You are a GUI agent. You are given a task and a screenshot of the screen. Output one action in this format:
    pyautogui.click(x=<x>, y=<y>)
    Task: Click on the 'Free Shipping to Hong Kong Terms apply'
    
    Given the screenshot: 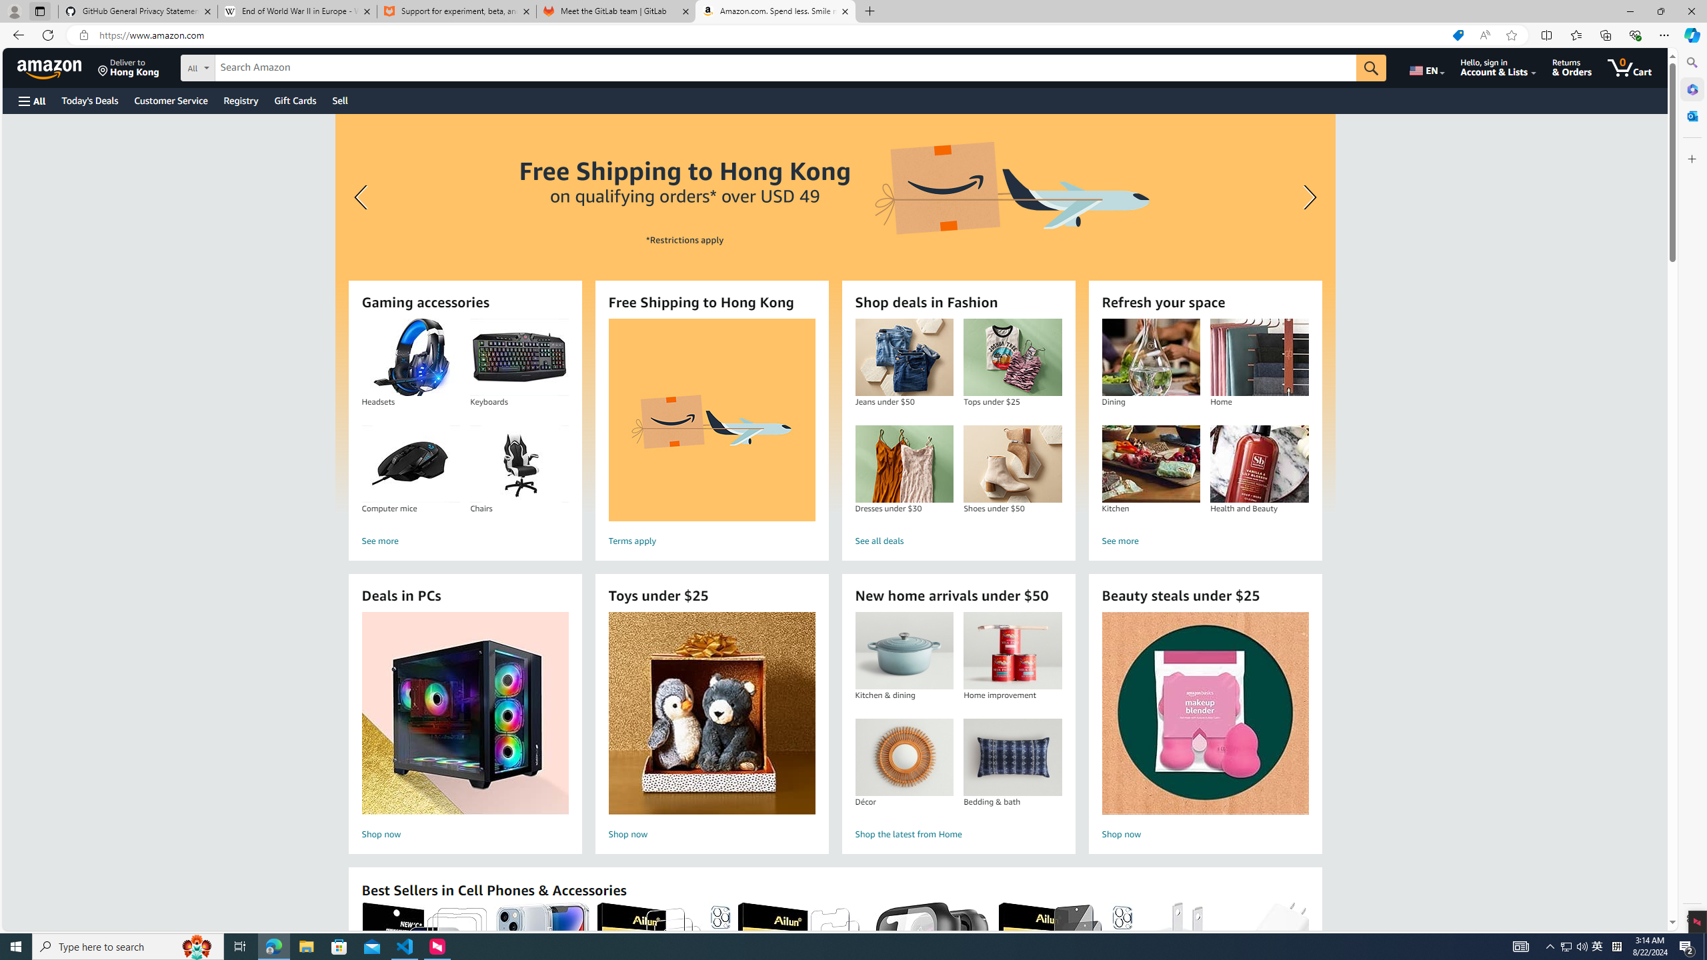 What is the action you would take?
    pyautogui.click(x=711, y=434)
    